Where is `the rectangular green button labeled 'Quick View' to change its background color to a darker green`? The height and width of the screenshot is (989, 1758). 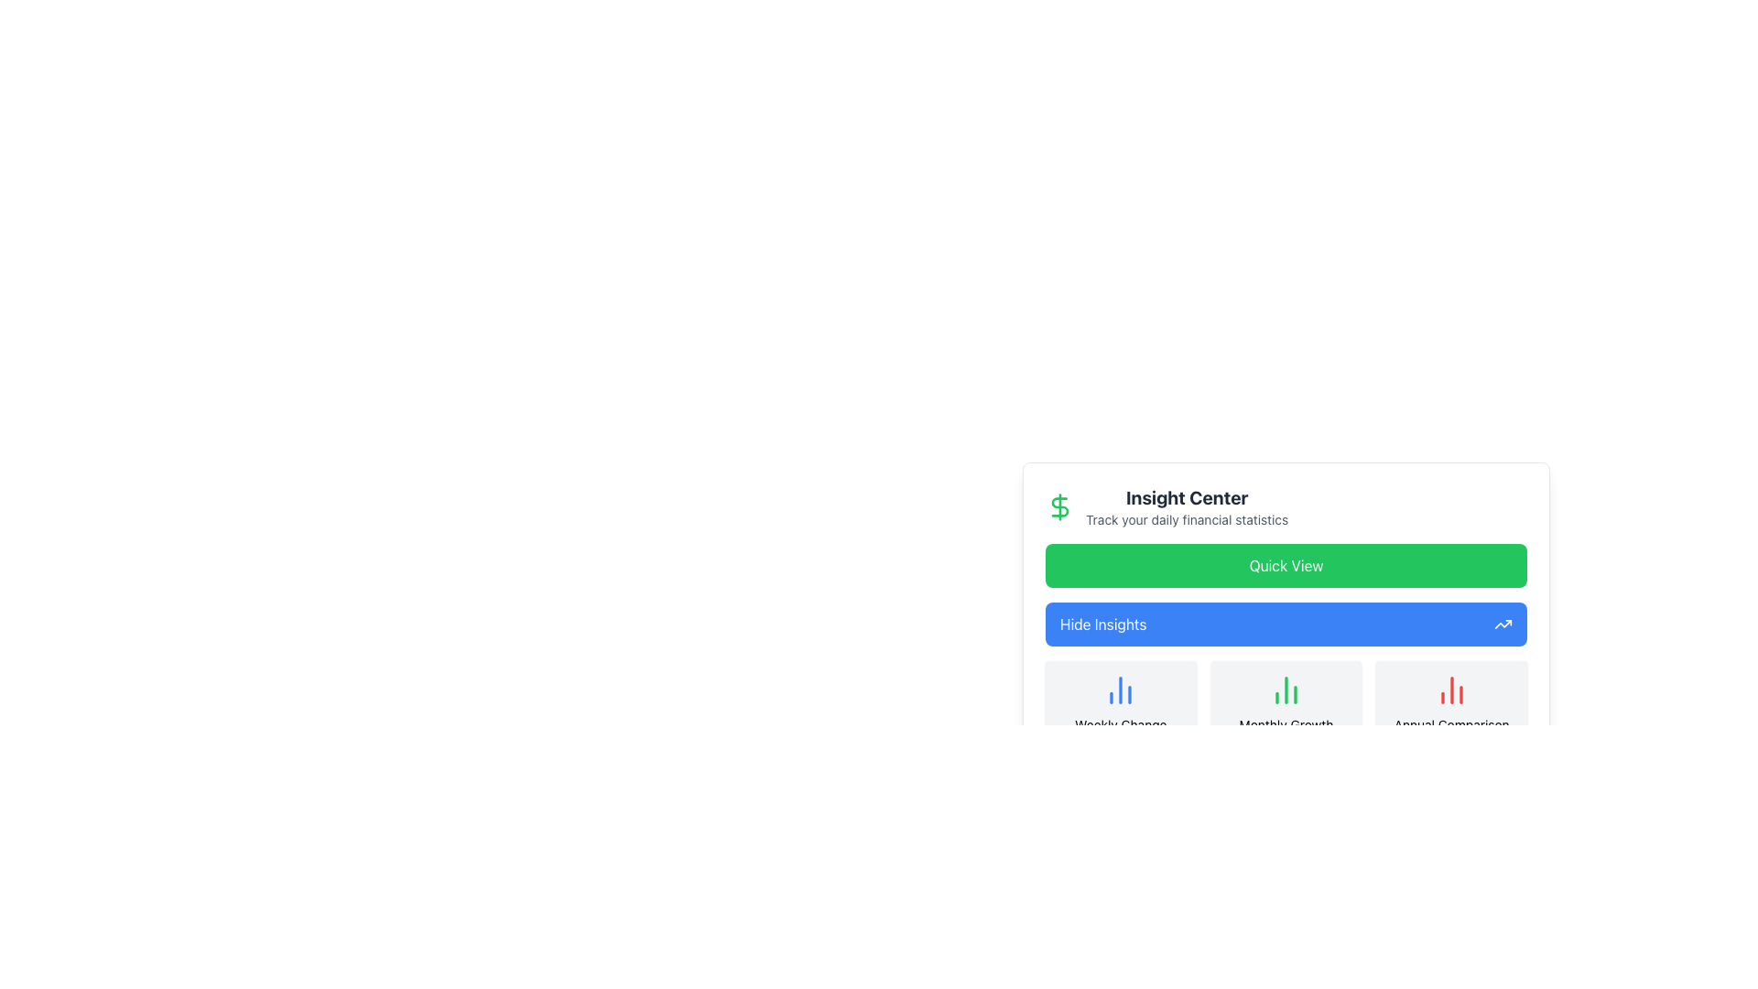 the rectangular green button labeled 'Quick View' to change its background color to a darker green is located at coordinates (1286, 564).